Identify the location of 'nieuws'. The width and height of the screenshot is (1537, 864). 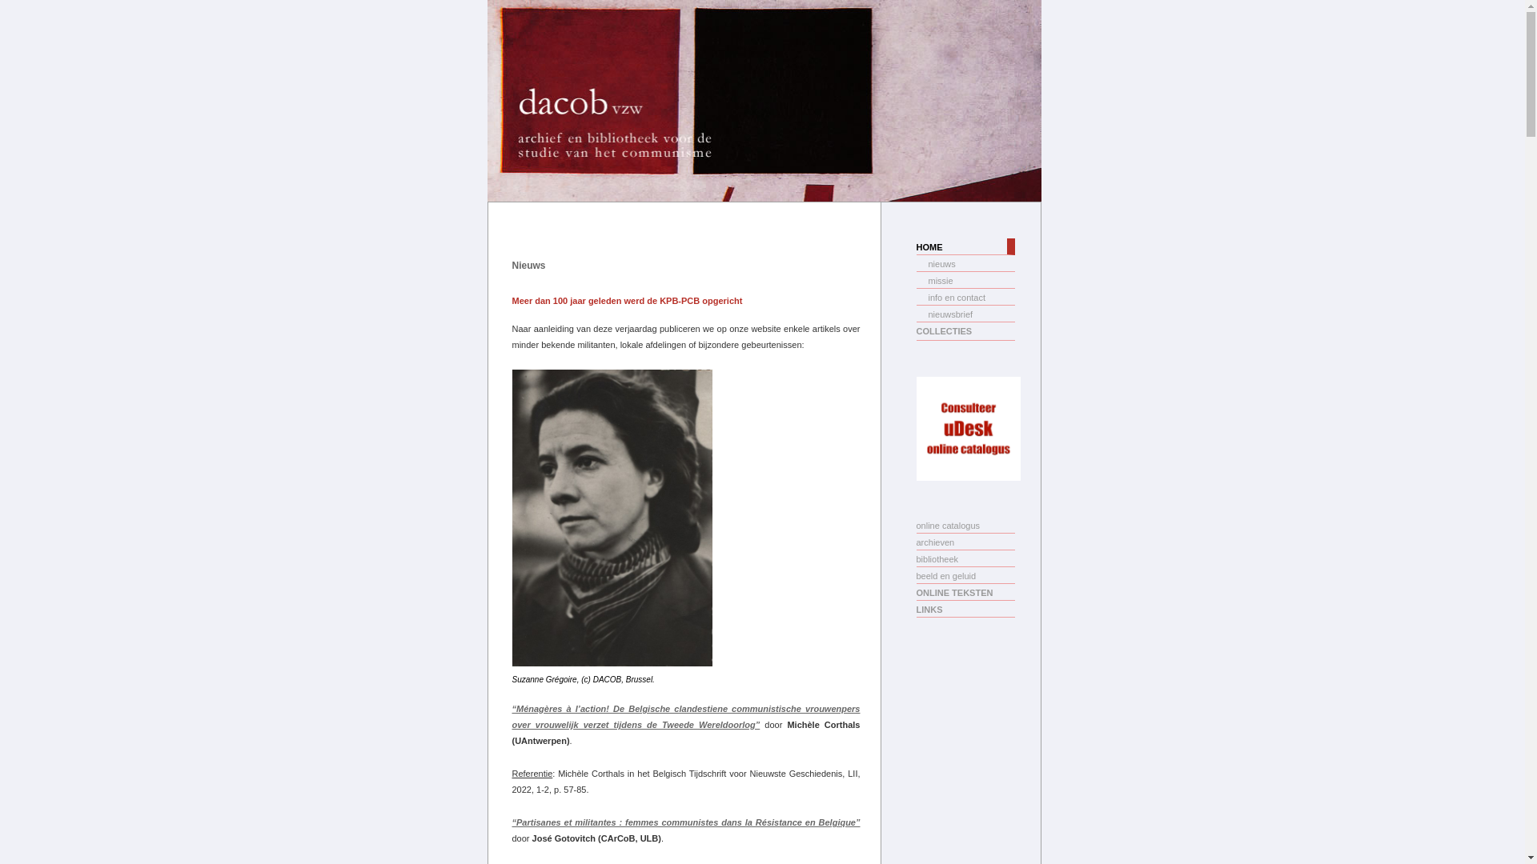
(964, 262).